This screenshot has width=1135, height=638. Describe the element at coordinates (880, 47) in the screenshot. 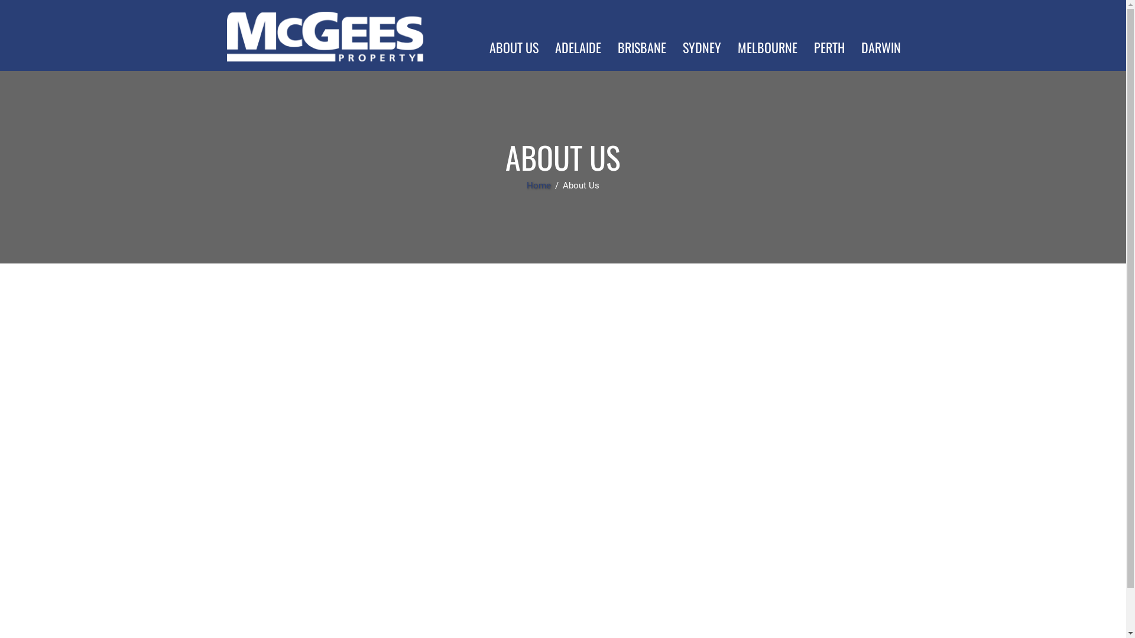

I see `'DARWIN'` at that location.